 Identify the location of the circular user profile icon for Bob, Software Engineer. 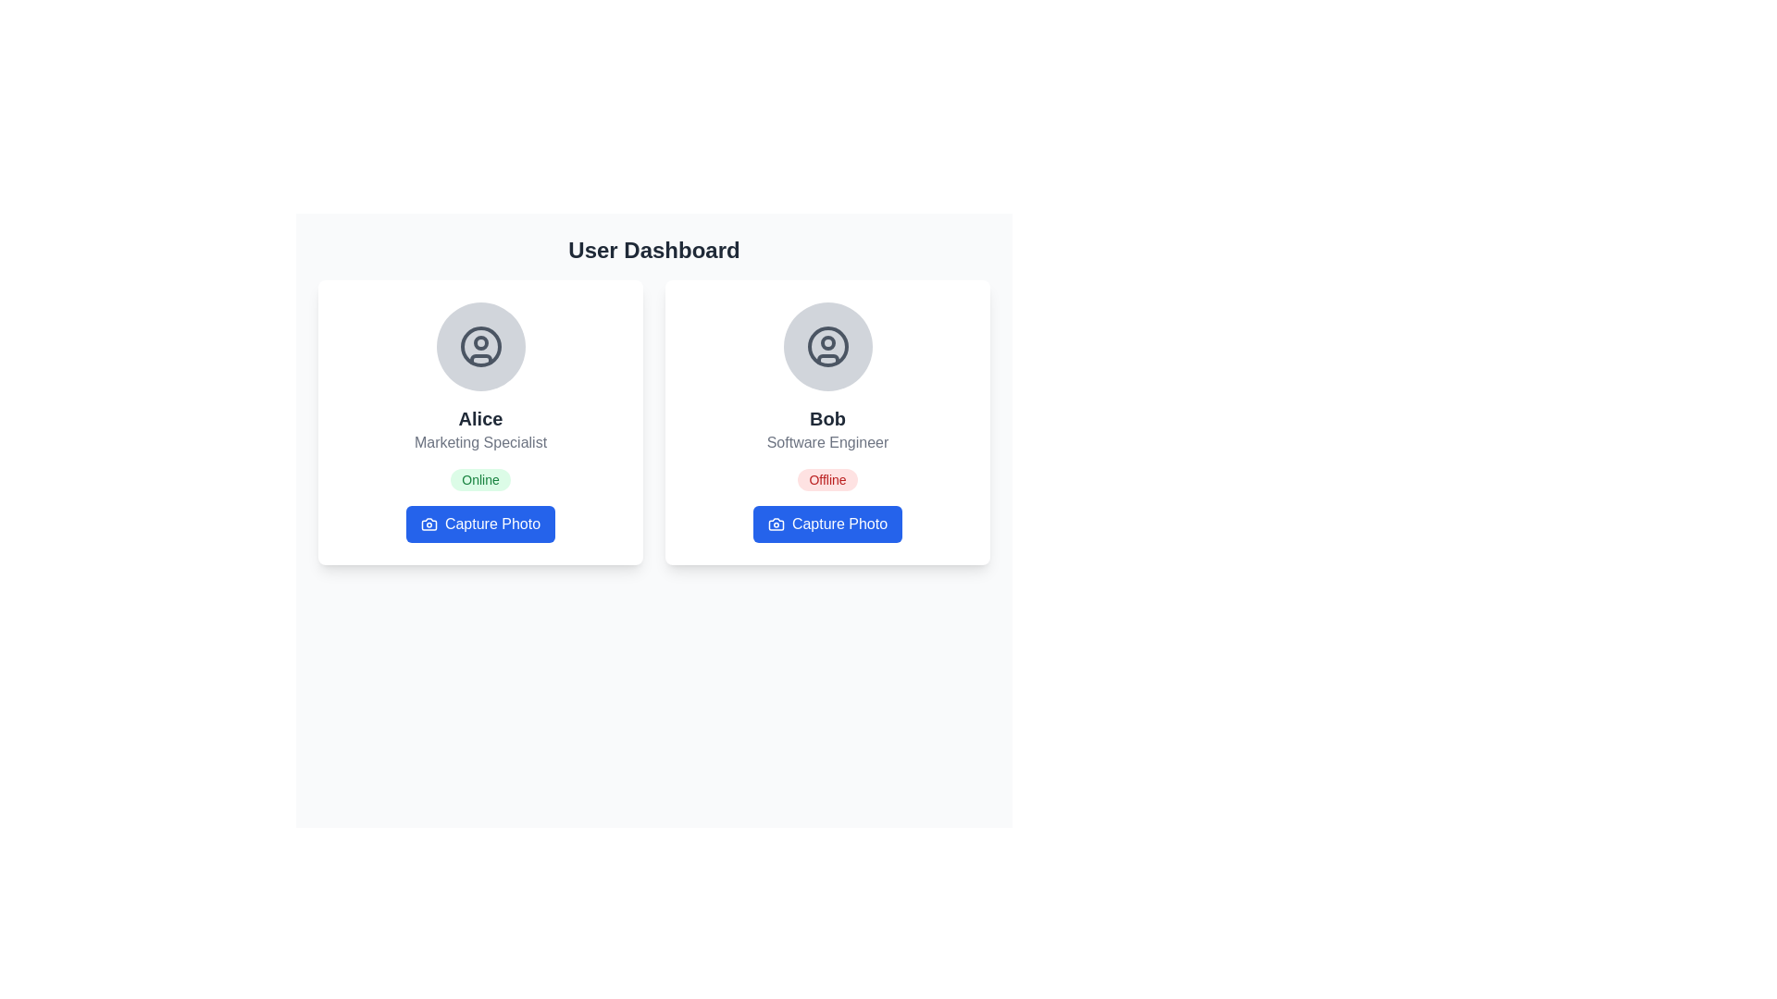
(826, 346).